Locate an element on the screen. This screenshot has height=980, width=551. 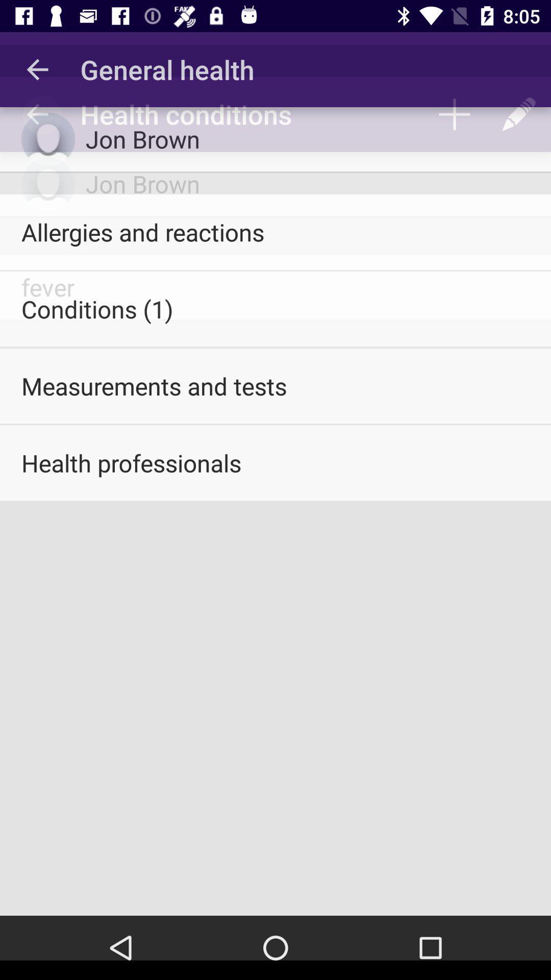
icon to the left of the general health icon is located at coordinates (37, 69).